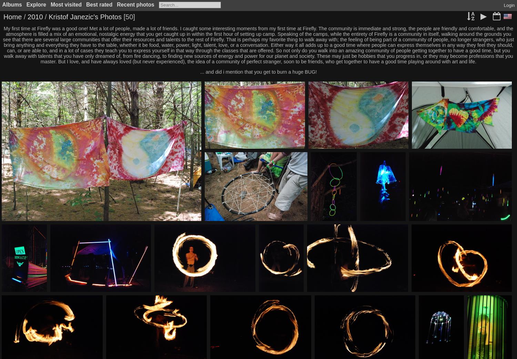 The height and width of the screenshot is (359, 517). Describe the element at coordinates (463, 154) in the screenshot. I see `'IMG 29'` at that location.